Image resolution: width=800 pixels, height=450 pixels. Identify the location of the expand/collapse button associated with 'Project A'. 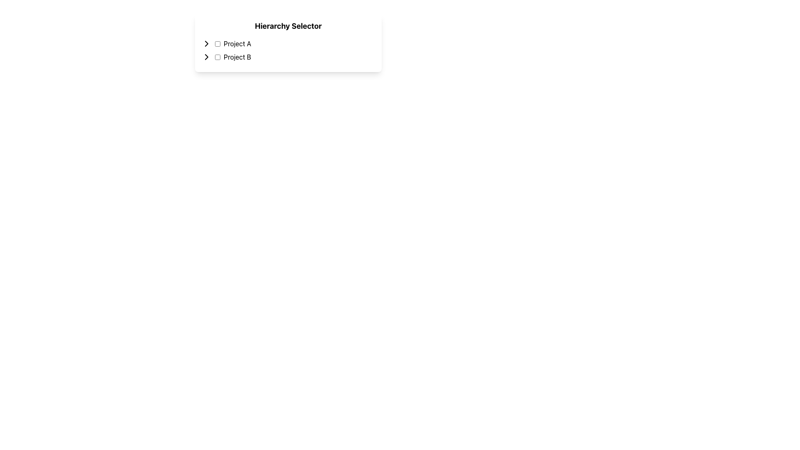
(206, 43).